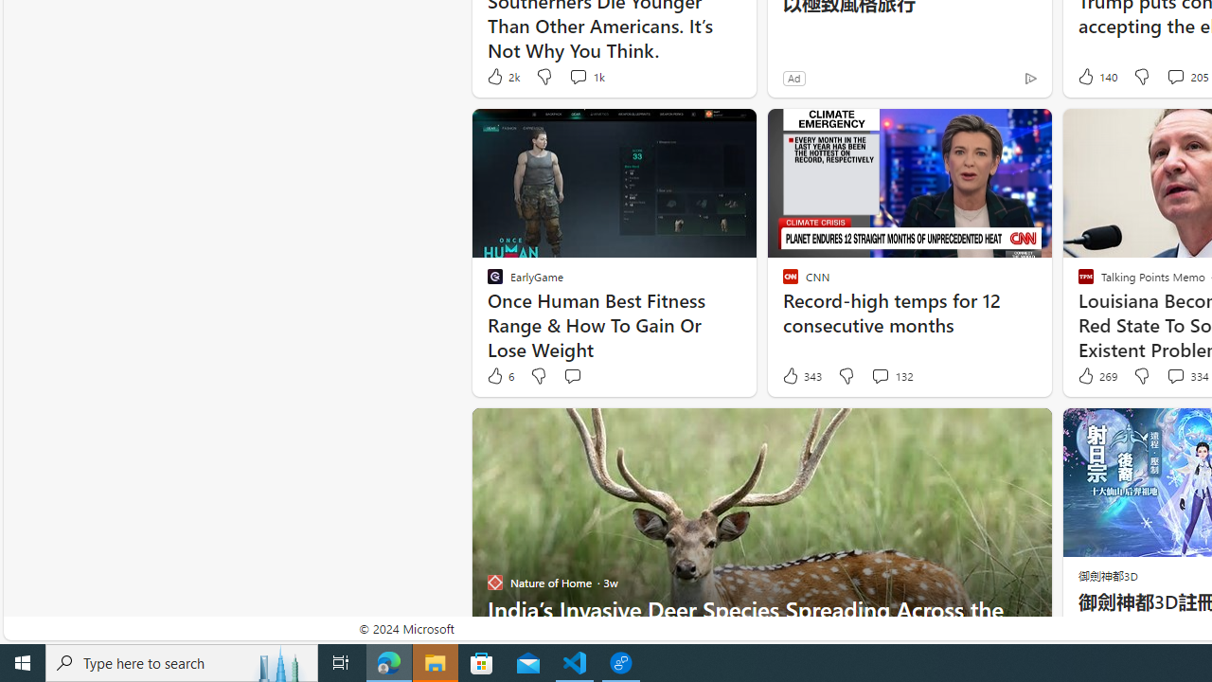  Describe the element at coordinates (801, 376) in the screenshot. I see `'343 Like'` at that location.